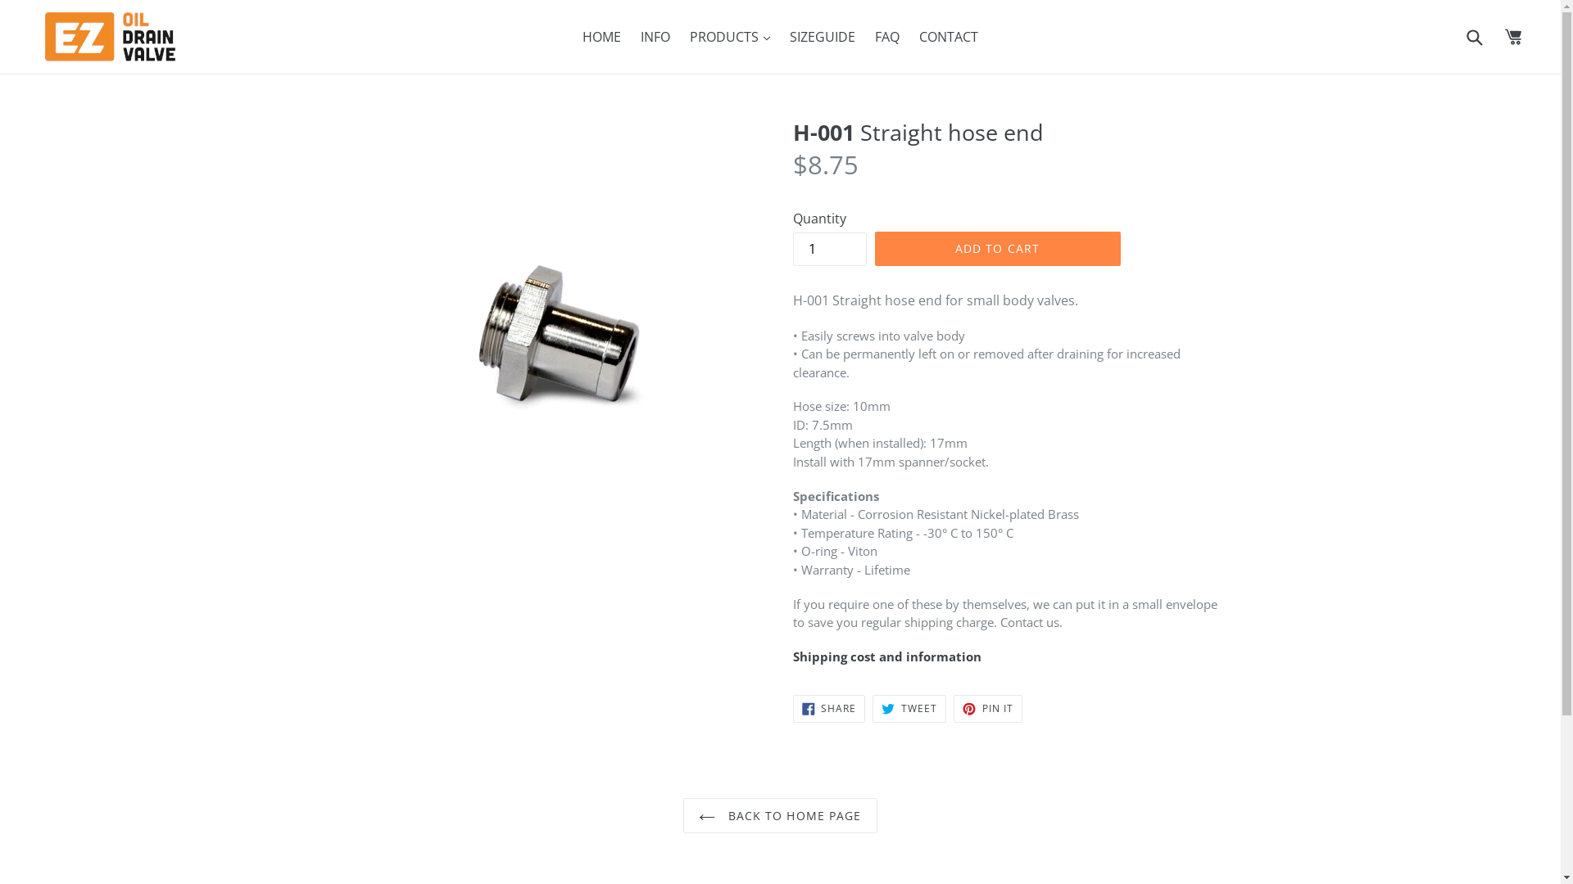 Image resolution: width=1573 pixels, height=884 pixels. I want to click on 'TWEET, so click(908, 708).